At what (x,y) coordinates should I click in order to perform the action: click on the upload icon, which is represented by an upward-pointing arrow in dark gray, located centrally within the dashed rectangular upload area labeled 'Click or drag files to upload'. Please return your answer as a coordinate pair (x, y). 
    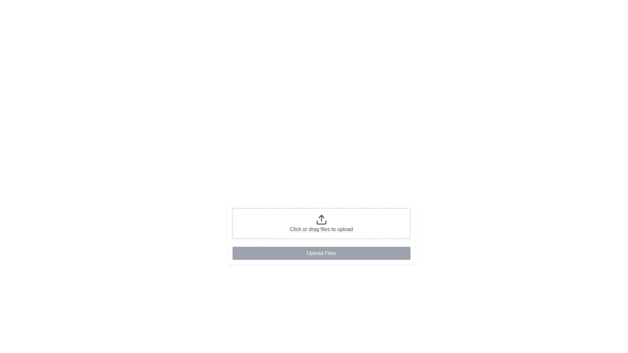
    Looking at the image, I should click on (321, 219).